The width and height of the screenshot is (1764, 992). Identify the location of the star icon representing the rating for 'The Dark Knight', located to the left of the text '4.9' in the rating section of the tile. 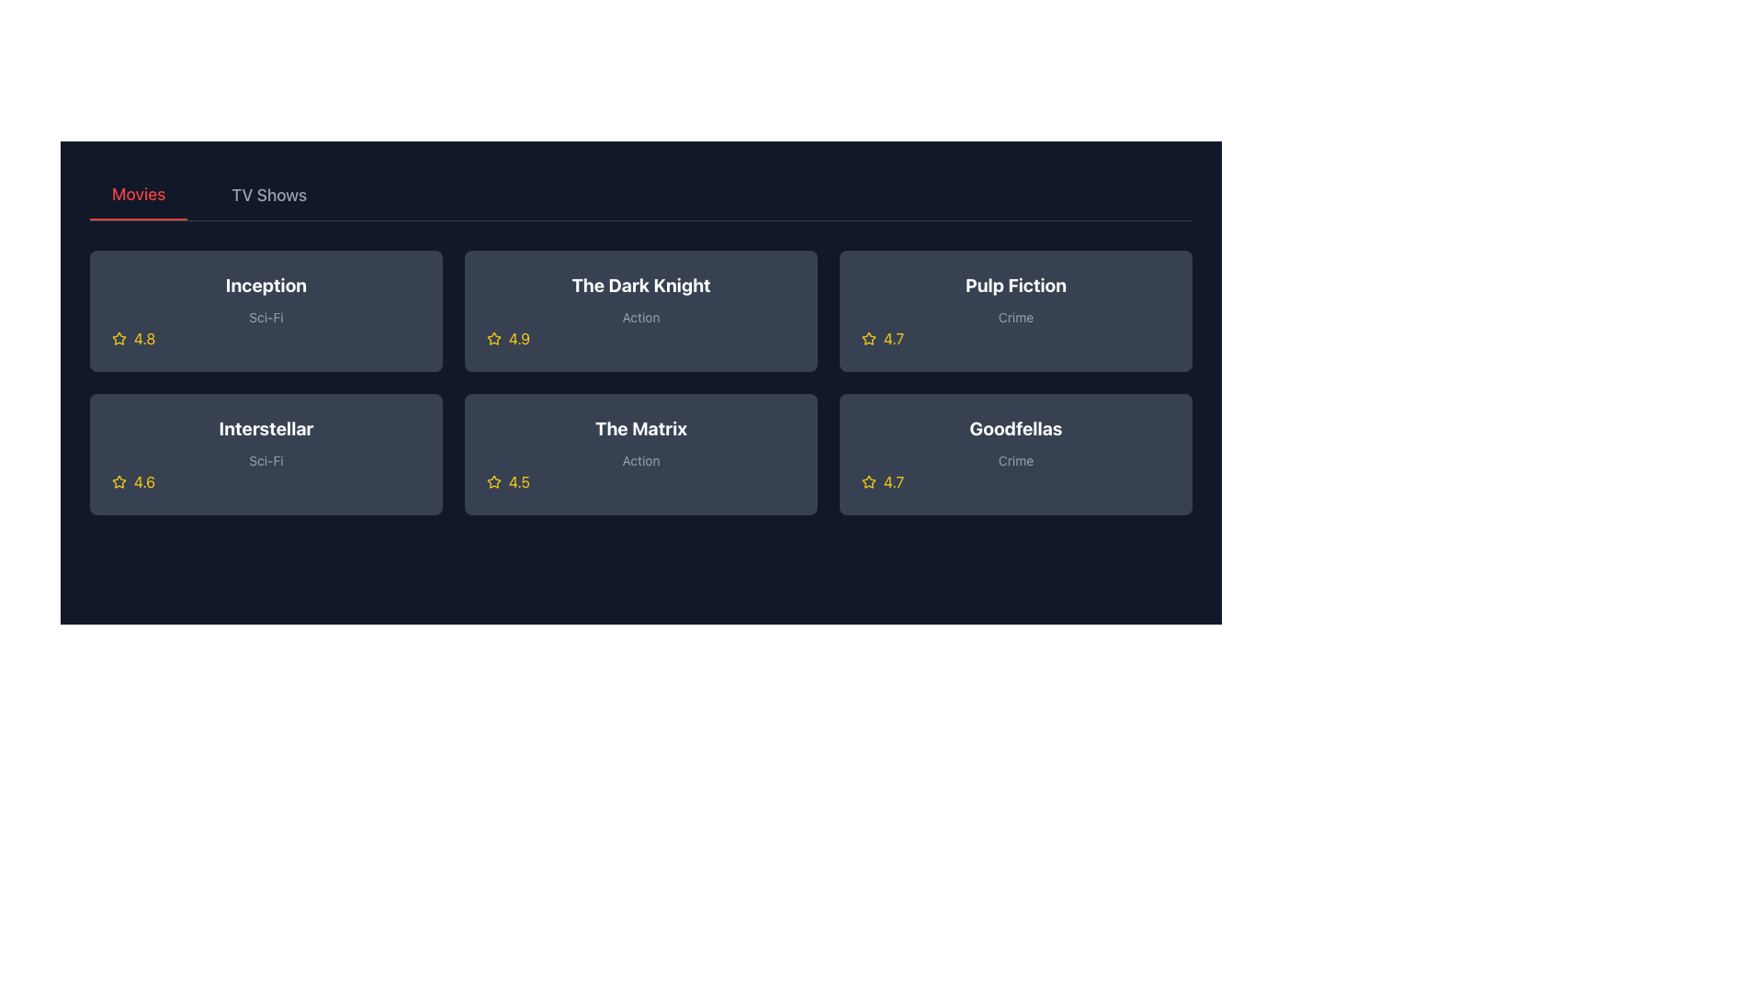
(493, 339).